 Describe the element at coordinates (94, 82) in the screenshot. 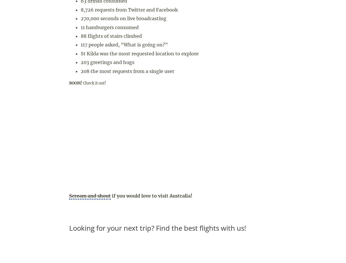

I see `'Check it out!'` at that location.